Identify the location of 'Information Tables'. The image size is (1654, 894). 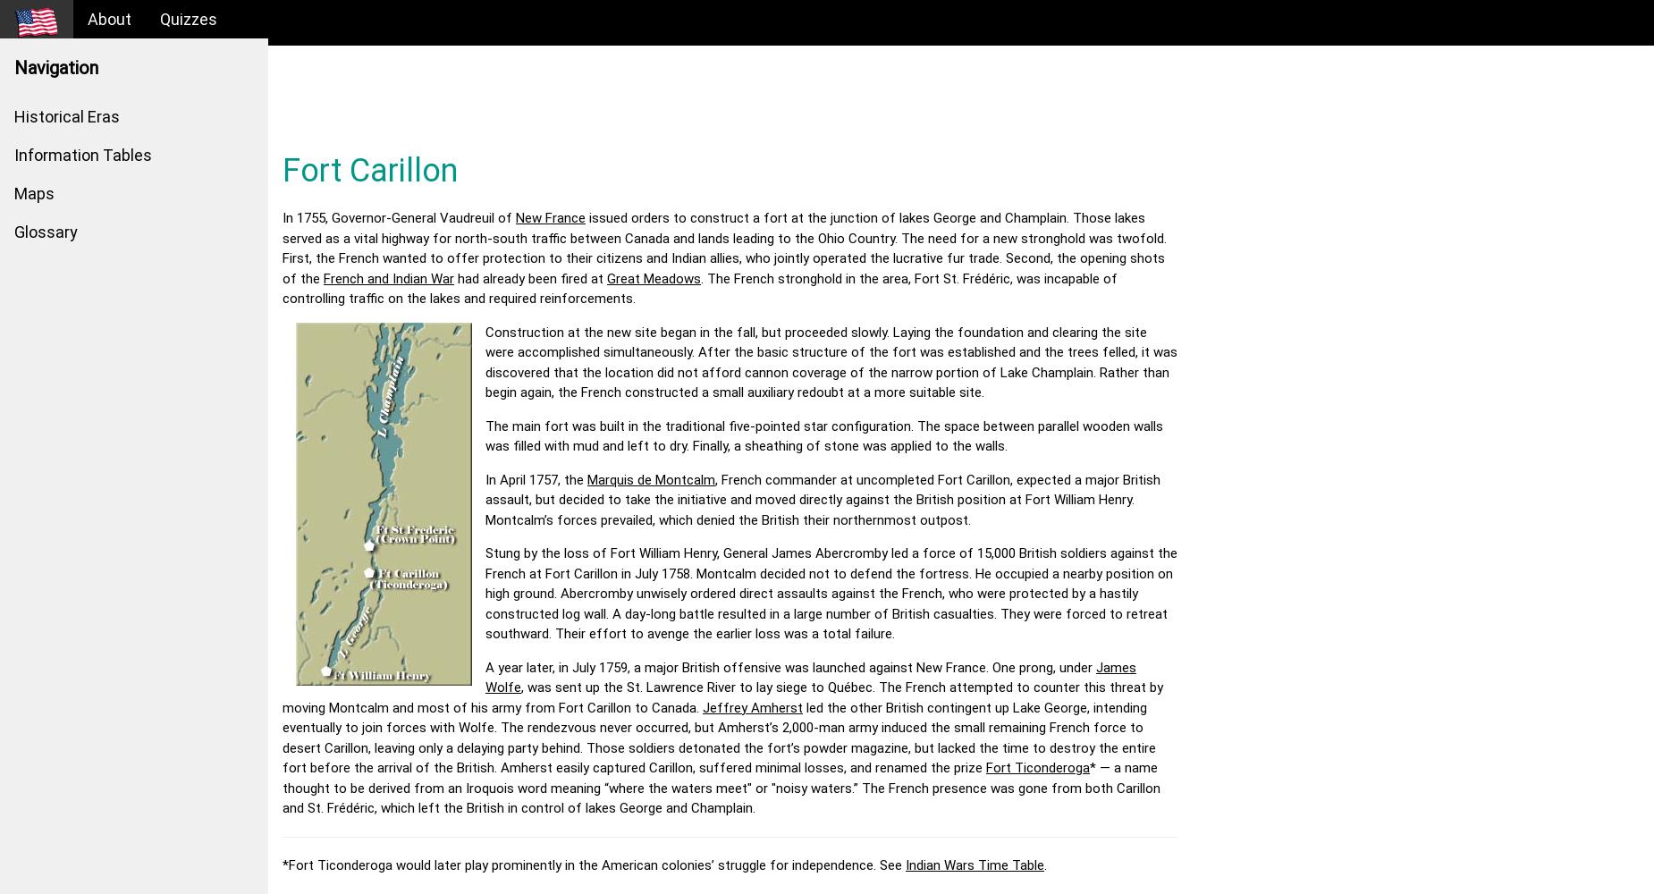
(82, 155).